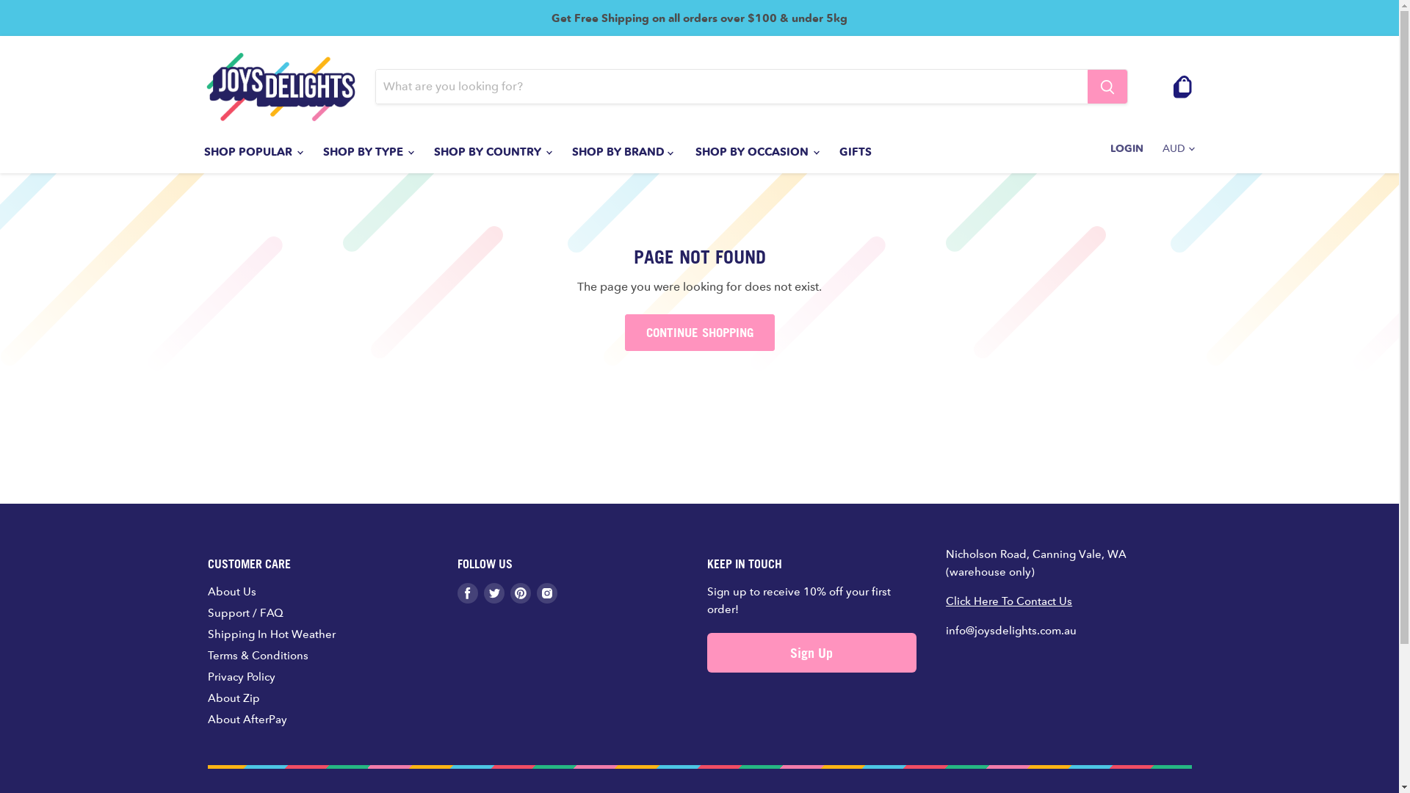 The width and height of the screenshot is (1410, 793). I want to click on 'About Us', so click(231, 590).